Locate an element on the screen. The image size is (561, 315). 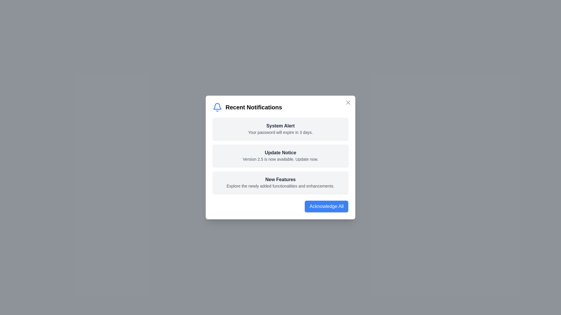
the close button located at the top-right corner of the notification dialog is located at coordinates (348, 102).